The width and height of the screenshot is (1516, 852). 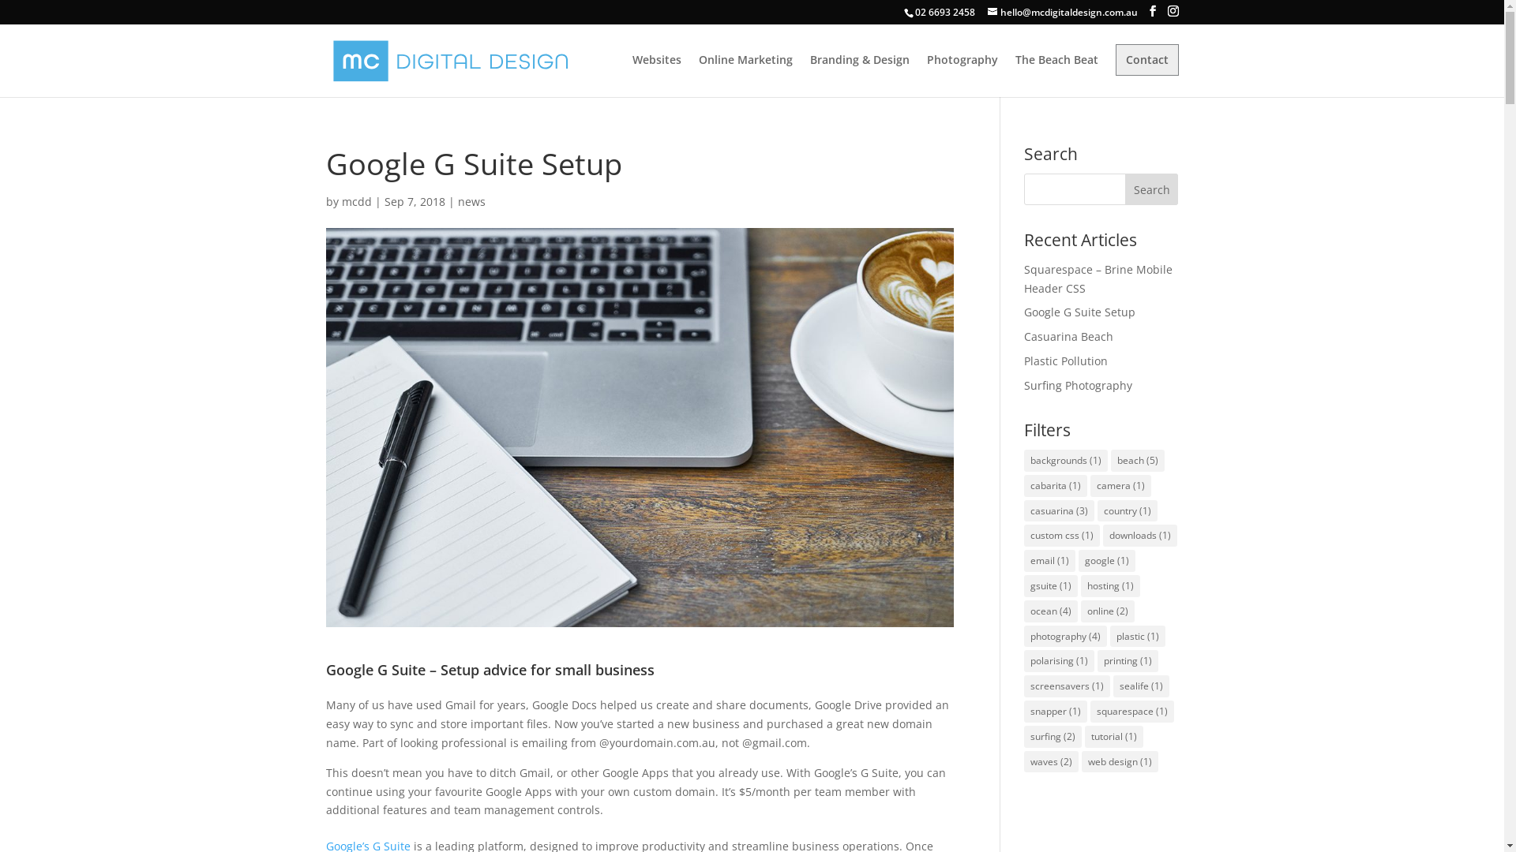 I want to click on 'plastic (1)', so click(x=1137, y=635).